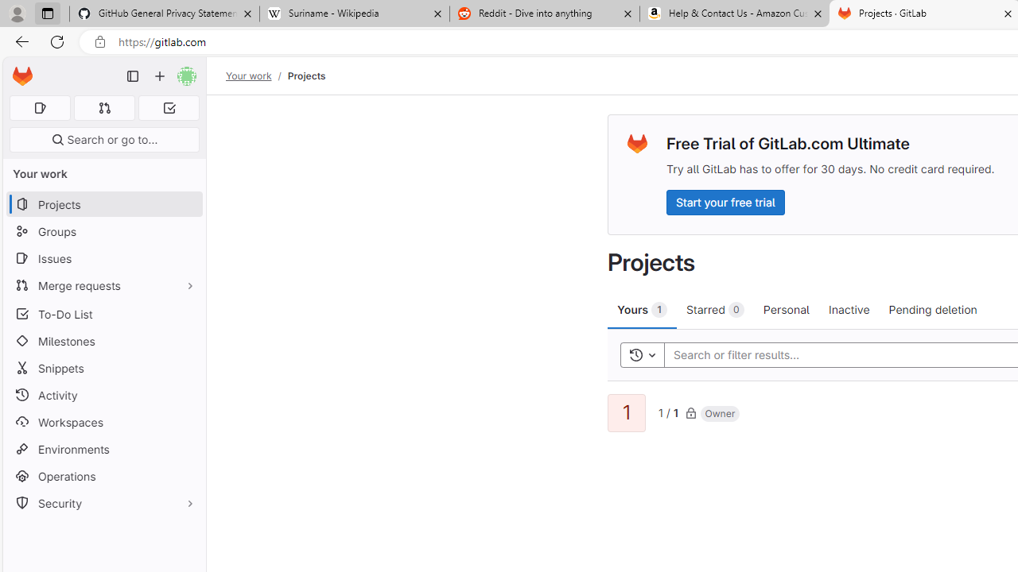 This screenshot has height=572, width=1018. Describe the element at coordinates (353, 14) in the screenshot. I see `'Suriname - Wikipedia'` at that location.